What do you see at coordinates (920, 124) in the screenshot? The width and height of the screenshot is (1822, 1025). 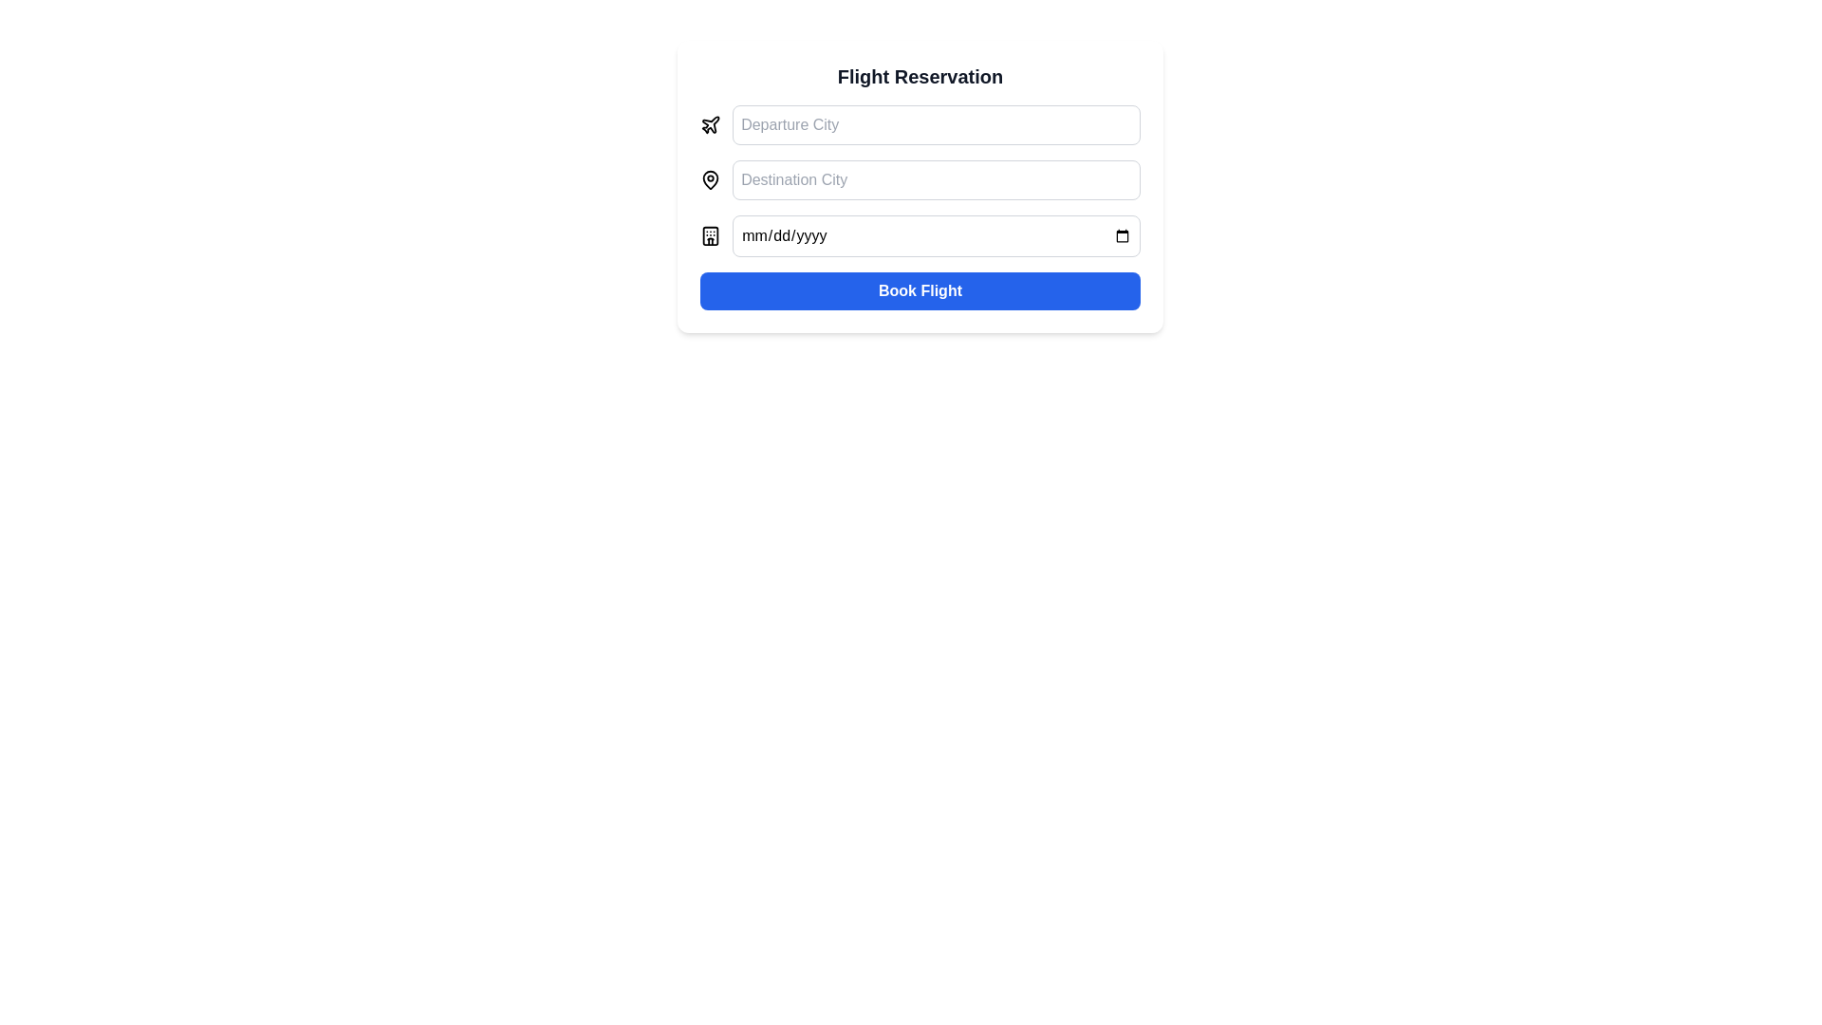 I see `the departure city input field, which is the first input in the flight reservation form, to focus on it` at bounding box center [920, 124].